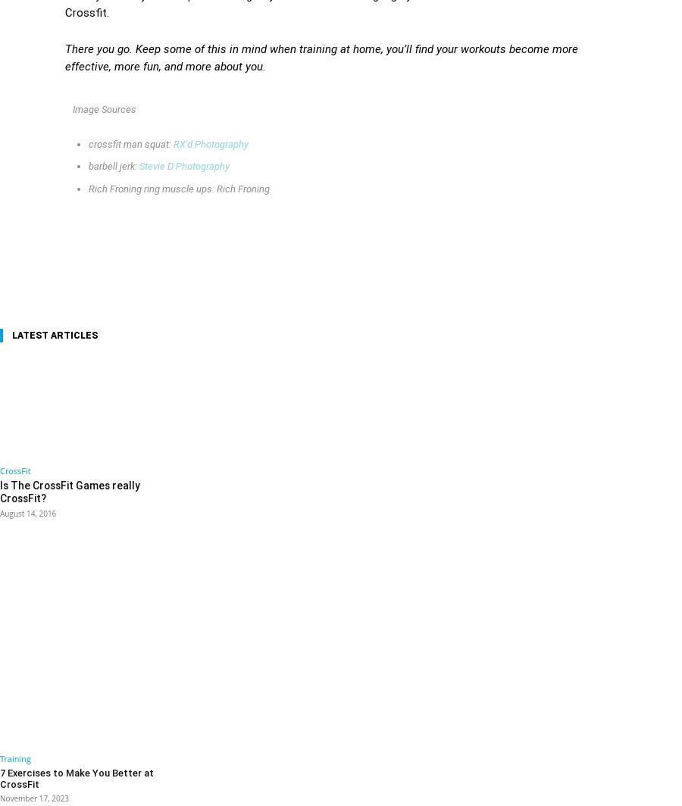 This screenshot has height=806, width=682. What do you see at coordinates (54, 336) in the screenshot?
I see `'Latest articles'` at bounding box center [54, 336].